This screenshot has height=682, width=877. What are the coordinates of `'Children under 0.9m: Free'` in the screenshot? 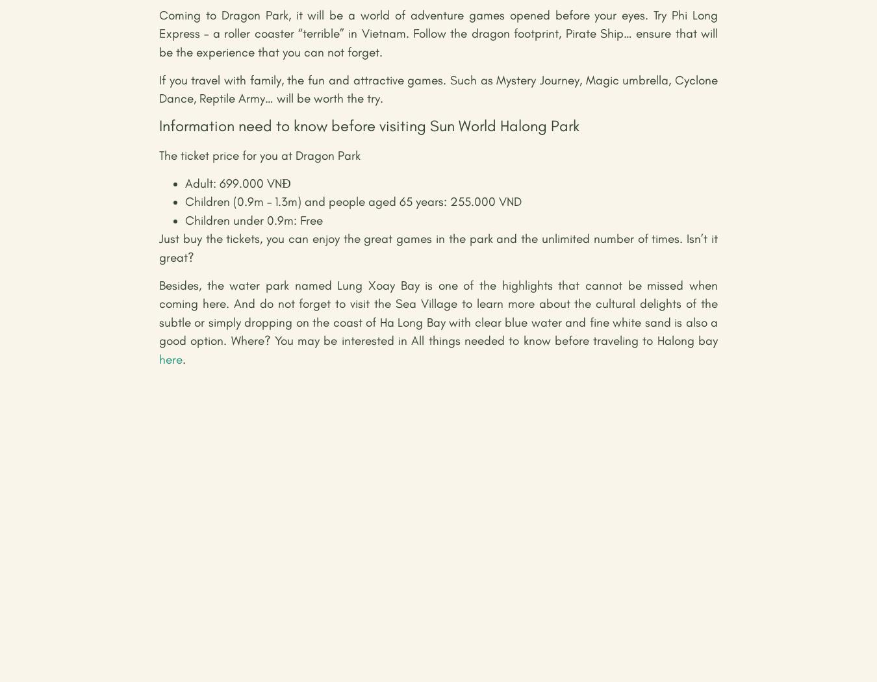 It's located at (253, 220).